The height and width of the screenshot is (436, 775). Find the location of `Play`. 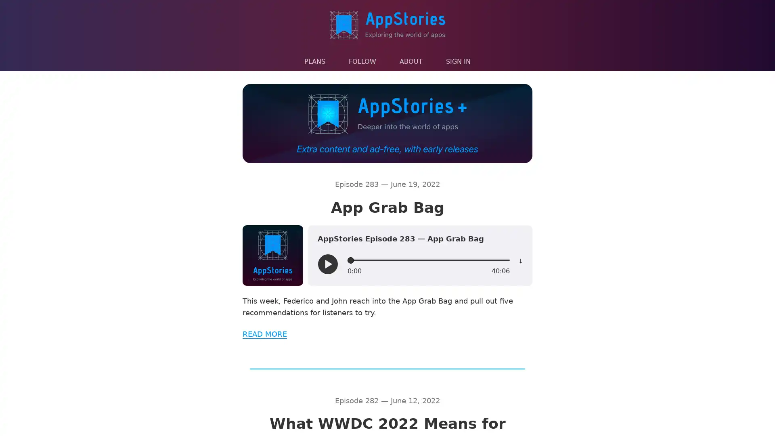

Play is located at coordinates (327, 264).